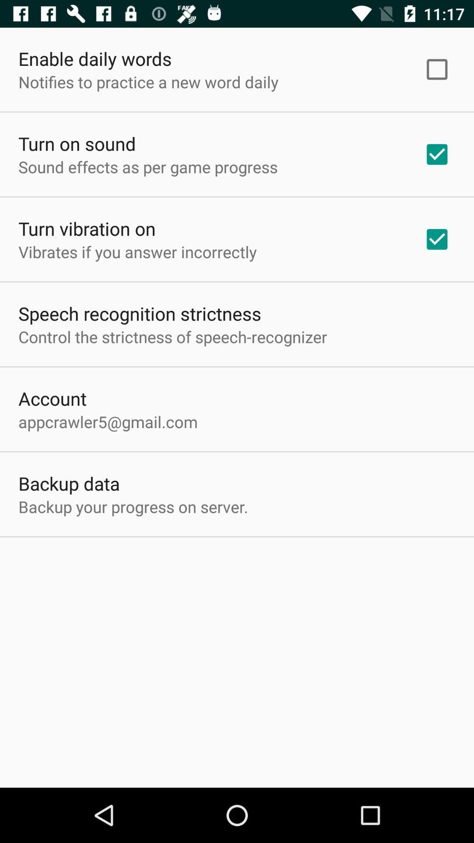 Image resolution: width=474 pixels, height=843 pixels. What do you see at coordinates (148, 82) in the screenshot?
I see `the item above the turn on sound item` at bounding box center [148, 82].